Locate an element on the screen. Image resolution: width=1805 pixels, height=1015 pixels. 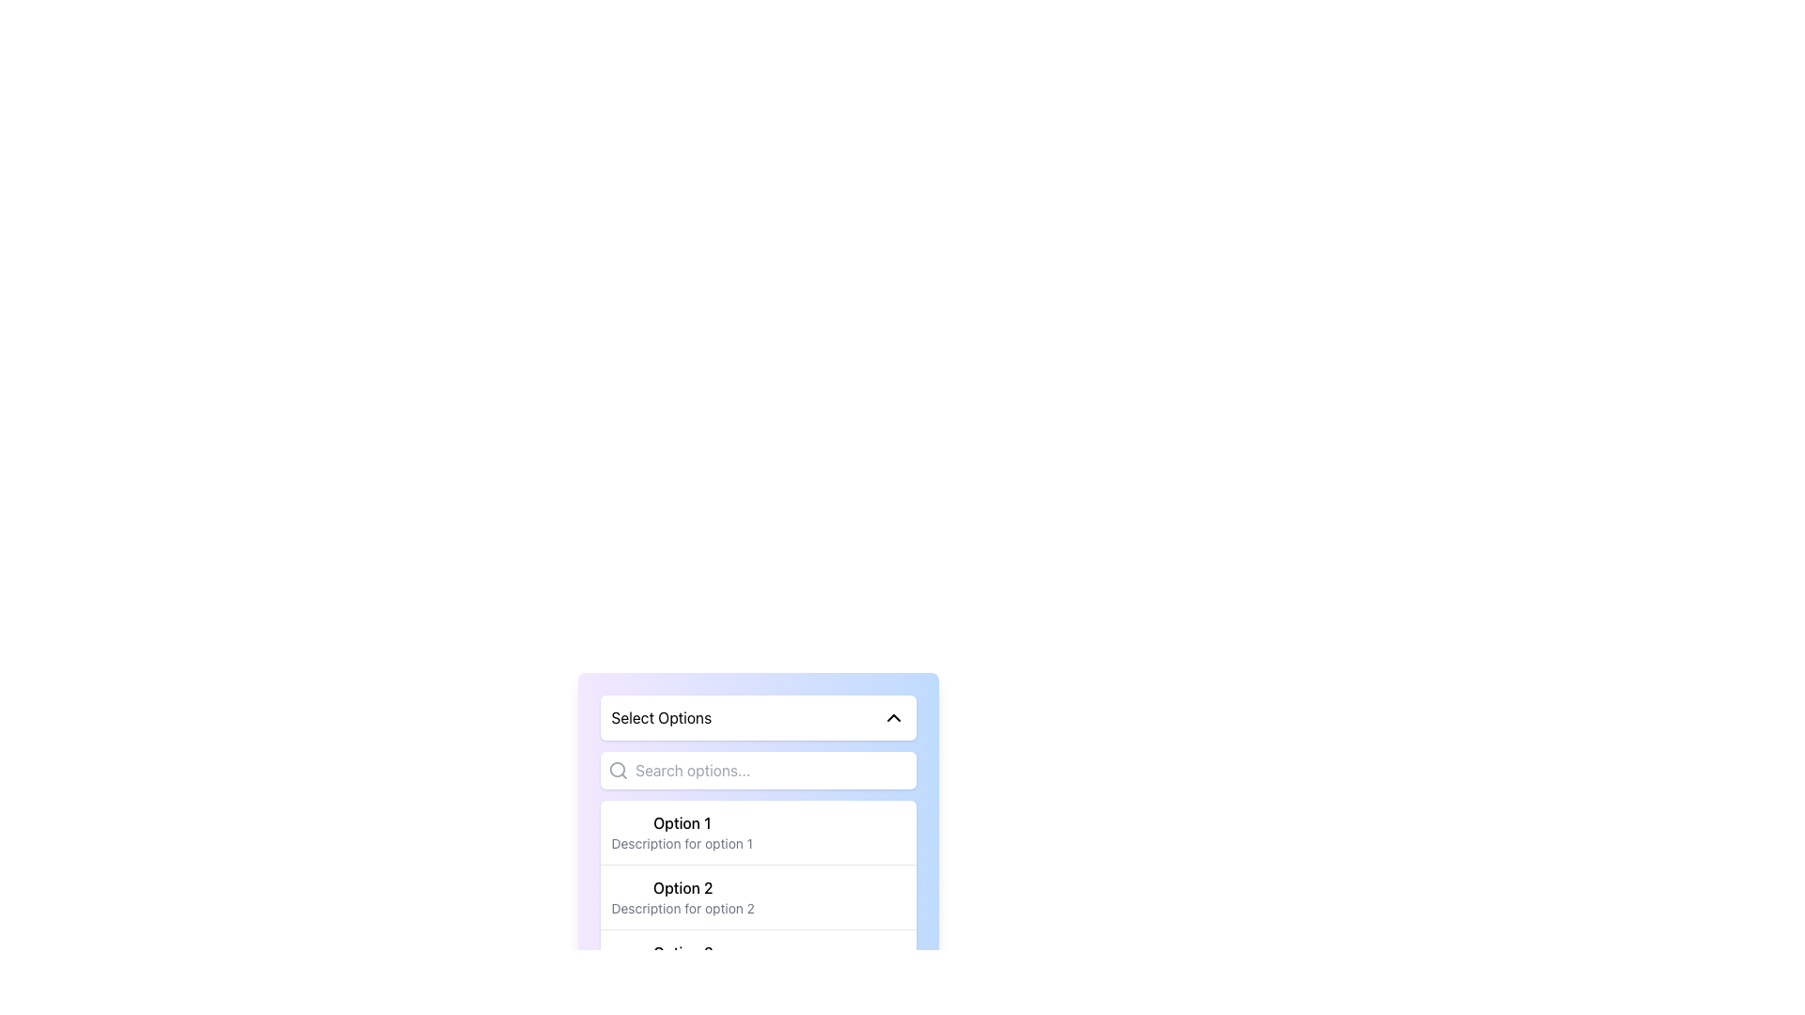
the list item containing the bold title 'Option 2' and the description 'Description for option 2' is located at coordinates (758, 896).